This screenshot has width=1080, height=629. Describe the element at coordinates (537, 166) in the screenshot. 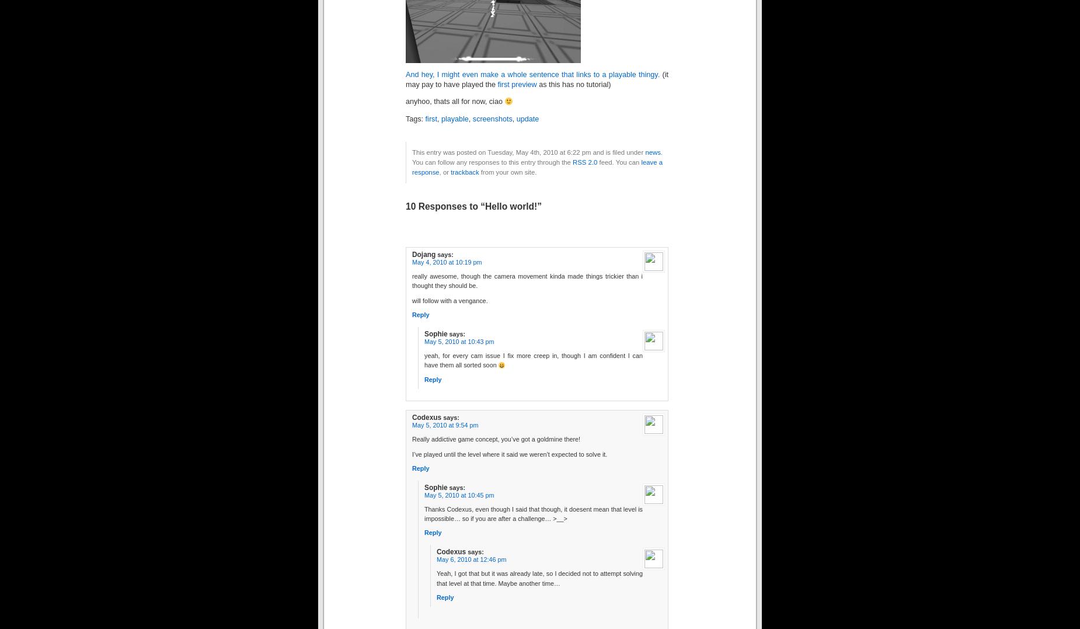

I see `'leave a response'` at that location.